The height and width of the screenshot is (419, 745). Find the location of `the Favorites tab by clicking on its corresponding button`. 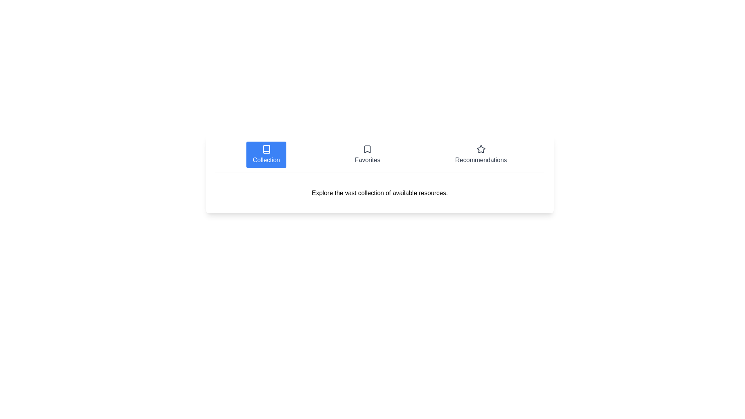

the Favorites tab by clicking on its corresponding button is located at coordinates (367, 154).